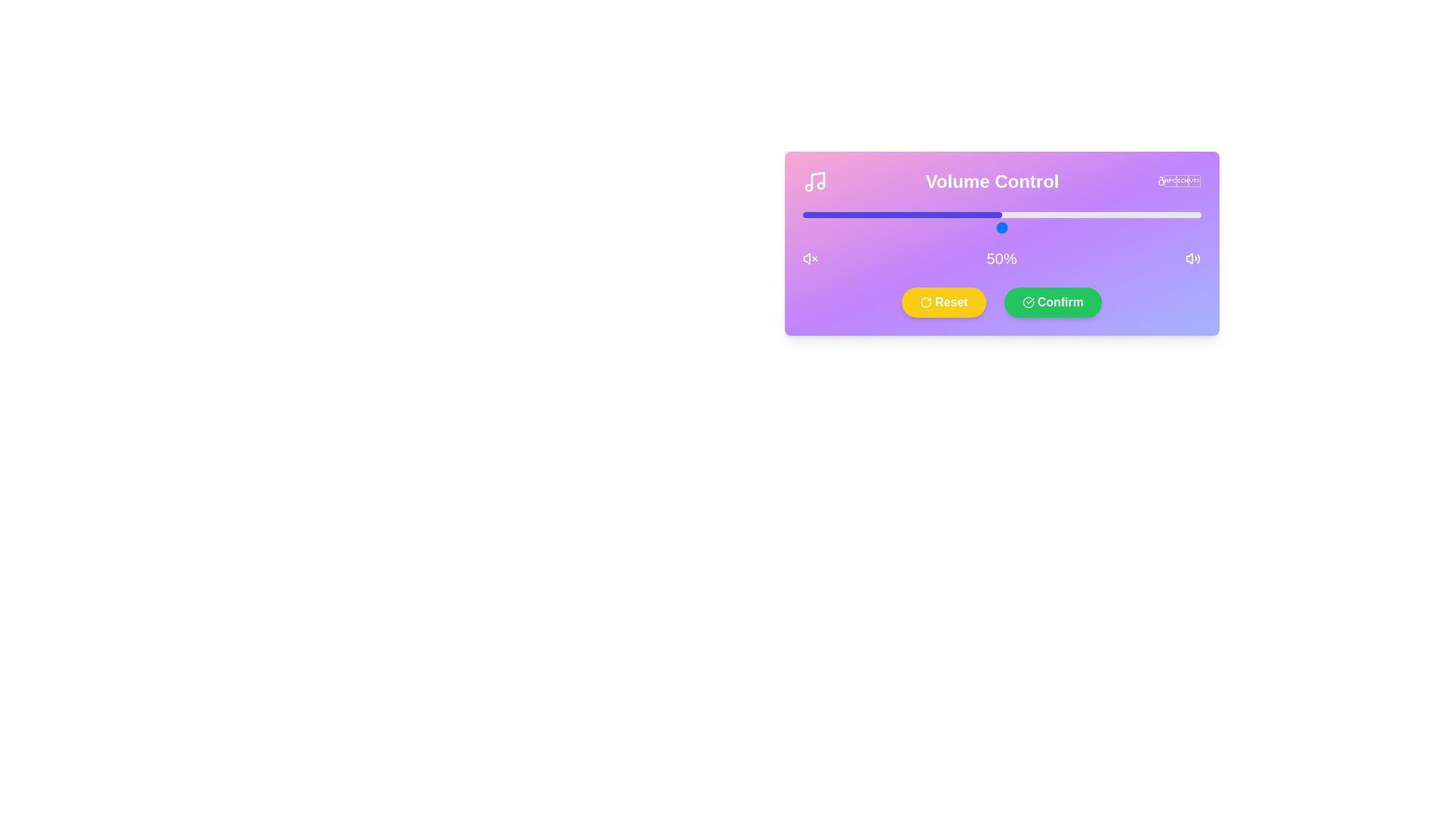 The image size is (1449, 815). I want to click on the circular part of the checkmark icon, which is a minimalistic SVG graphic located to the right of the 'Confirm' button, so click(1027, 303).